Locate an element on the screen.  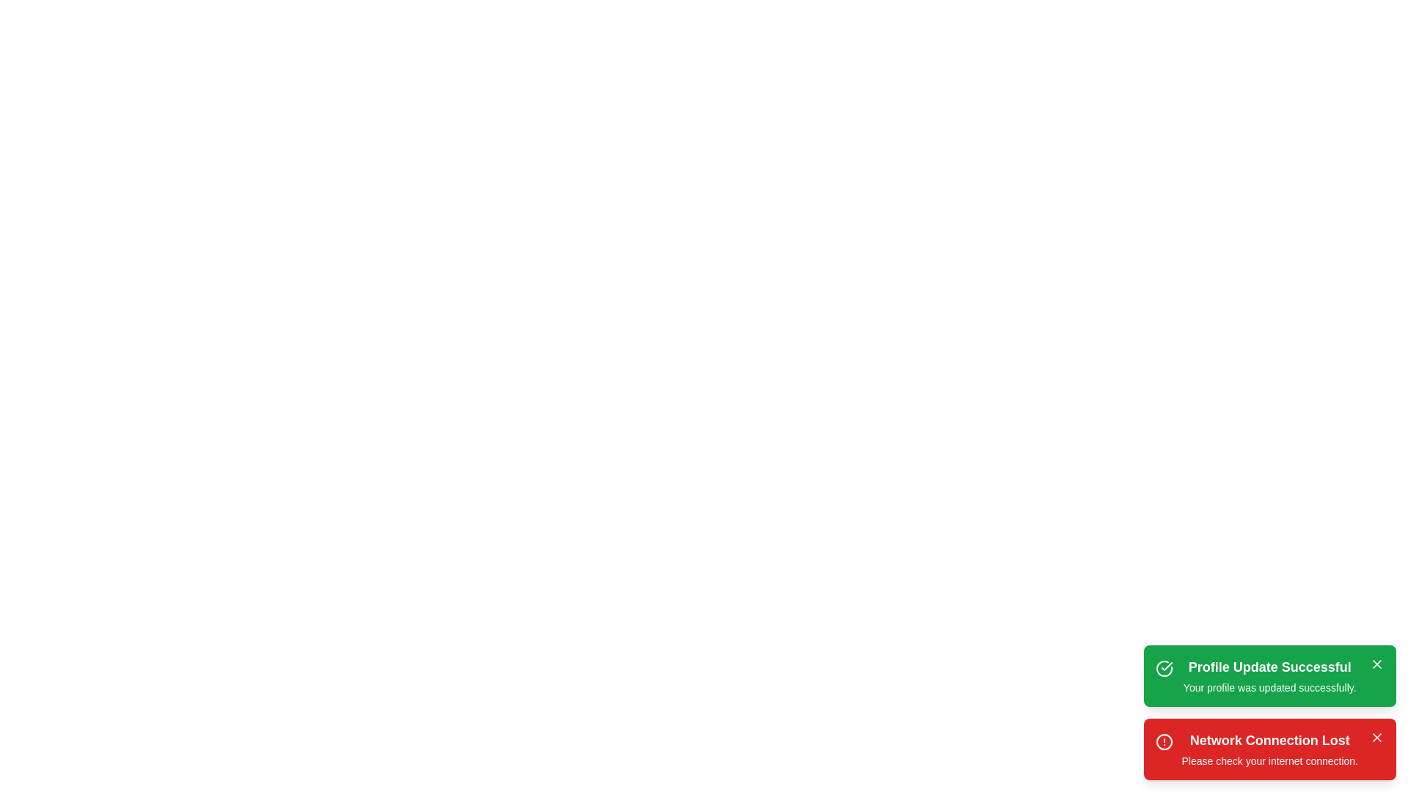
the notification with the title Network Connection Lost to observe the interaction effect is located at coordinates (1269, 749).